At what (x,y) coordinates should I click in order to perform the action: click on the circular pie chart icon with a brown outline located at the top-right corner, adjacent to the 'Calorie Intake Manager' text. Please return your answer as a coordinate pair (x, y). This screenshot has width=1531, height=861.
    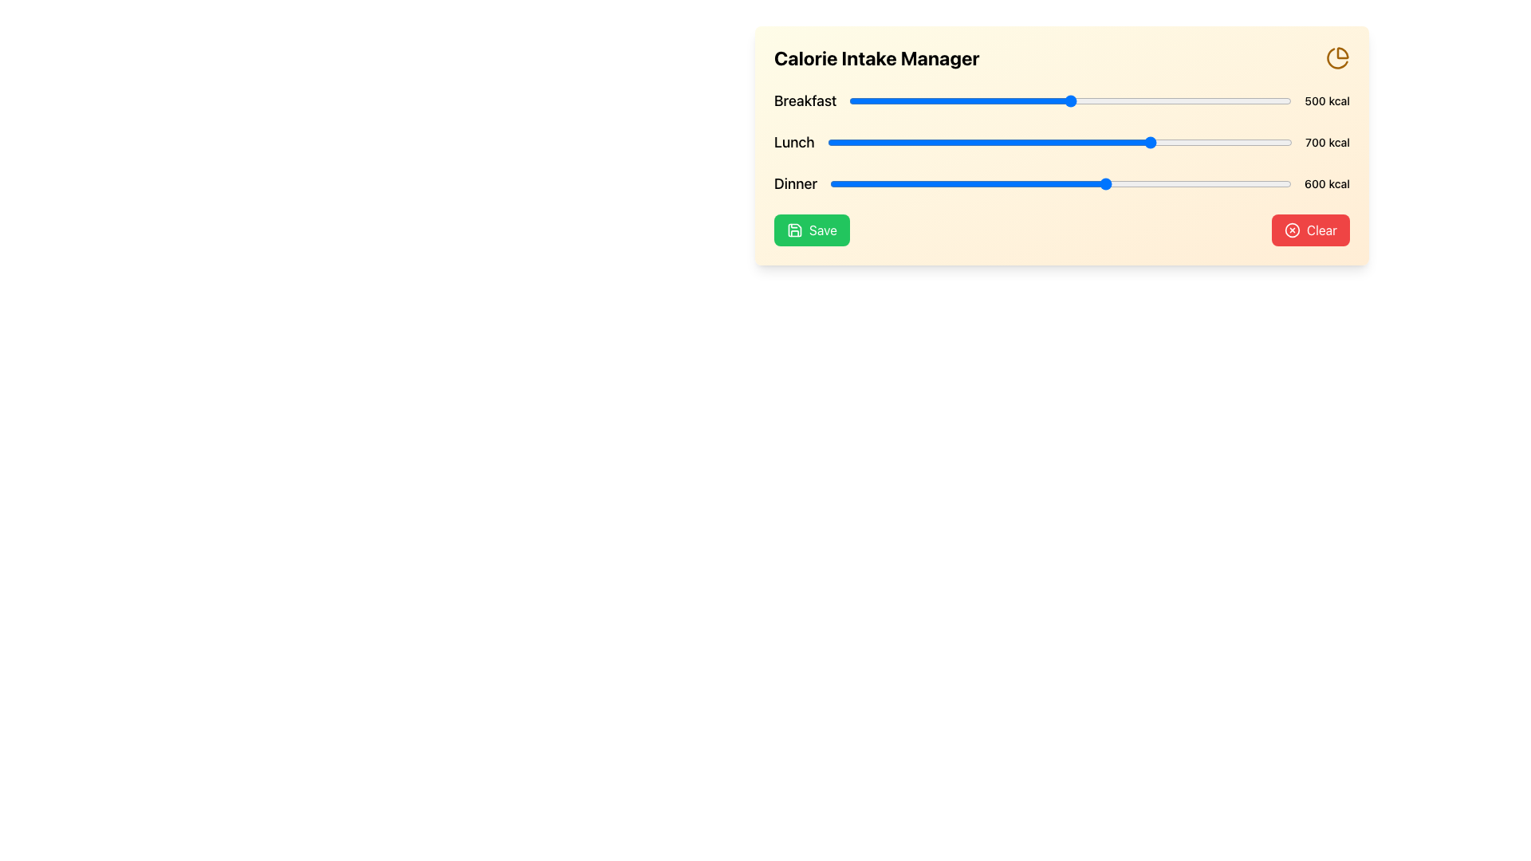
    Looking at the image, I should click on (1338, 57).